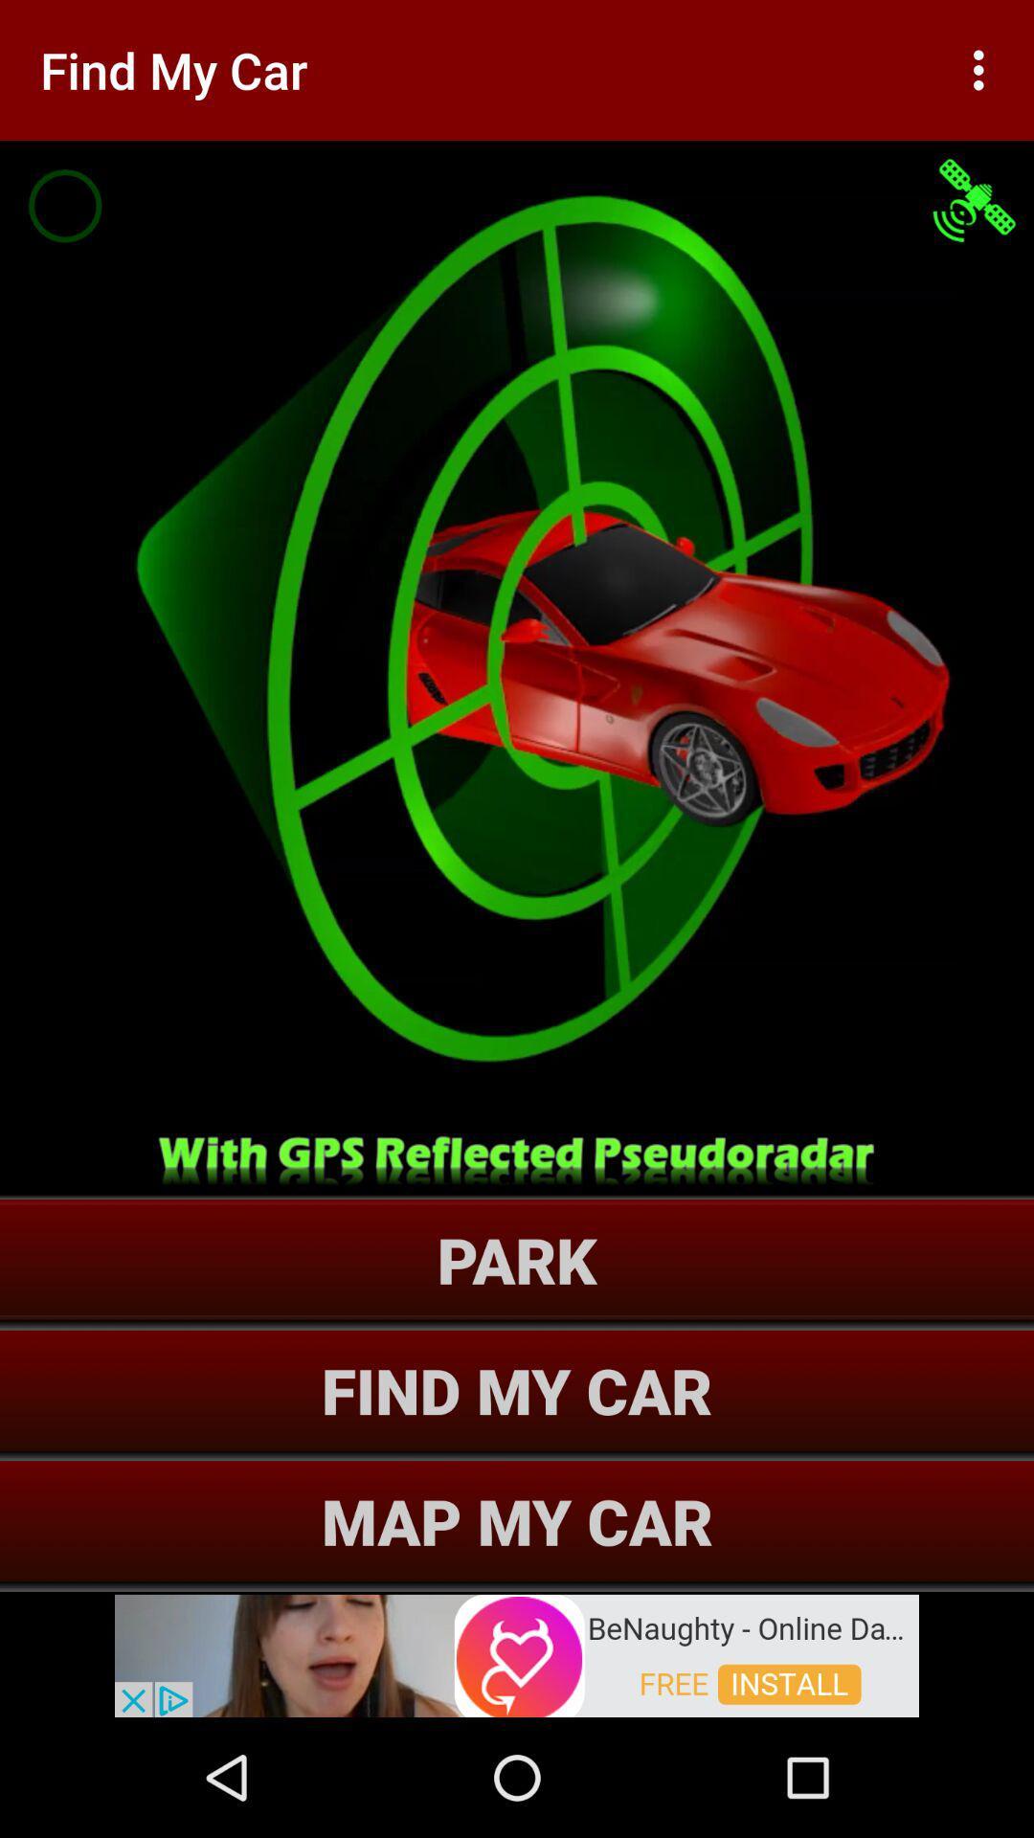 The width and height of the screenshot is (1034, 1838). What do you see at coordinates (517, 1653) in the screenshot?
I see `advisement` at bounding box center [517, 1653].